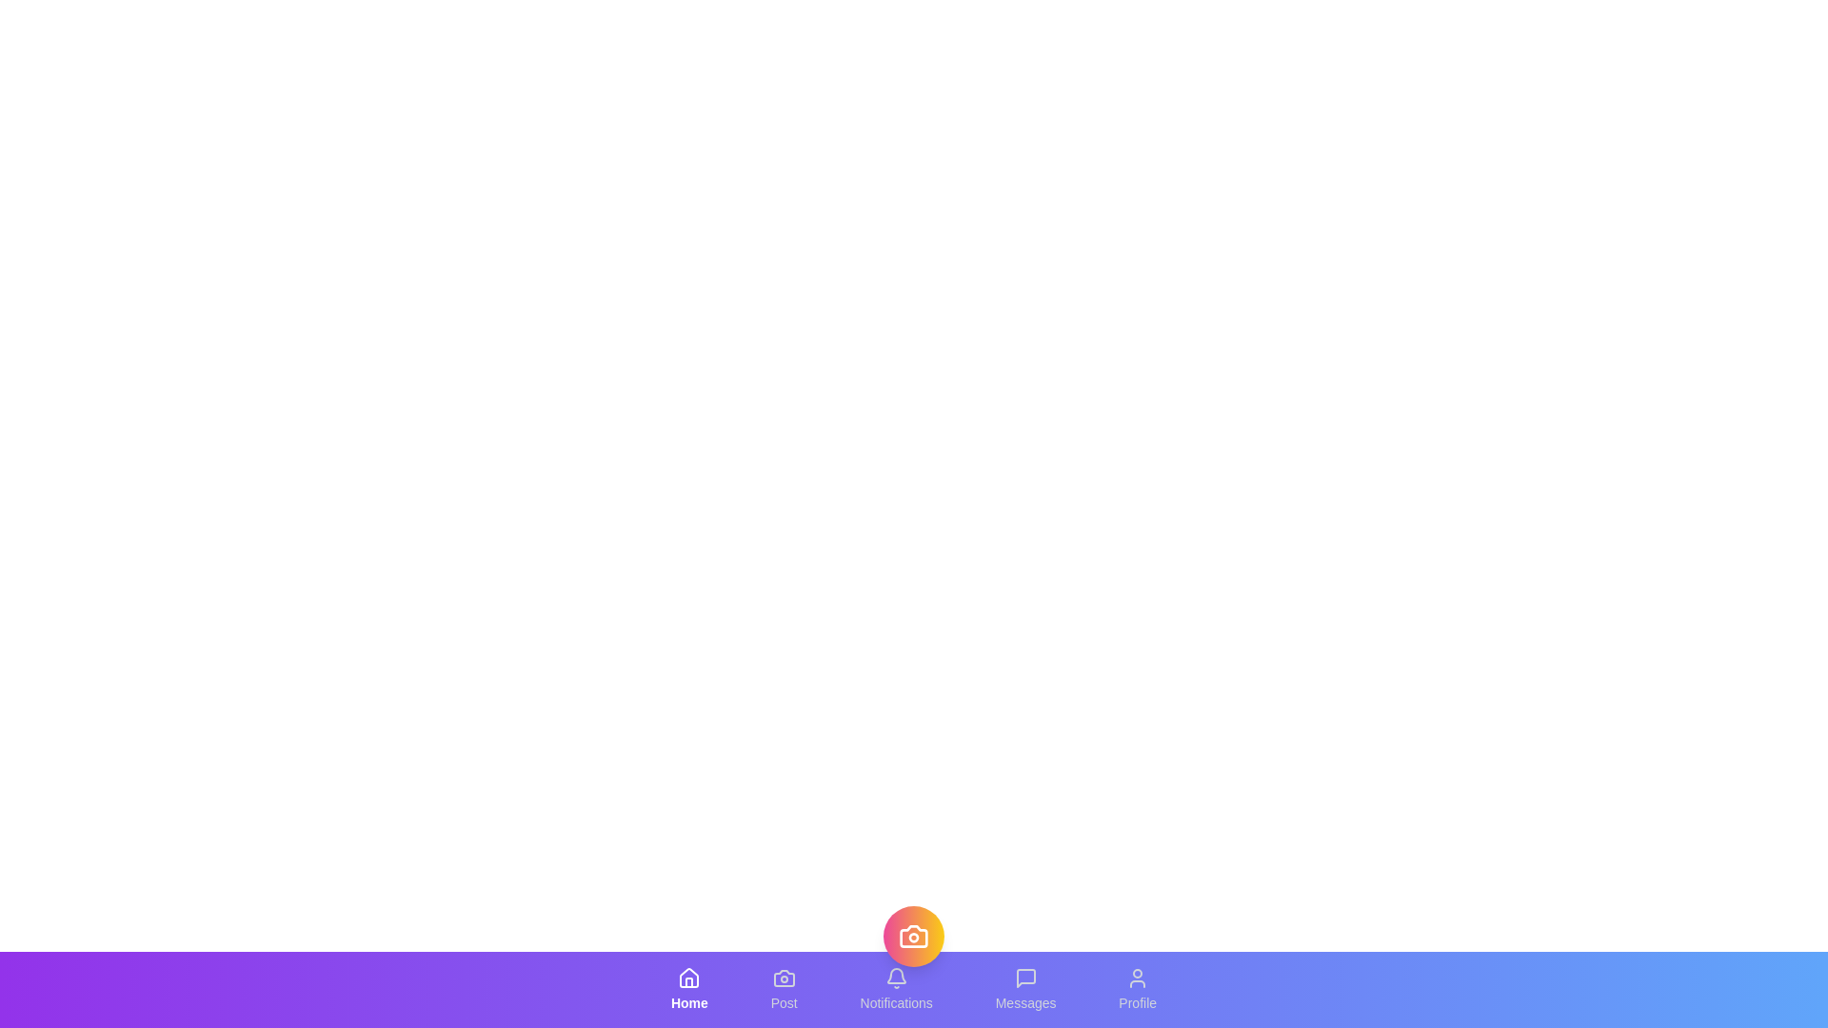 This screenshot has height=1028, width=1828. What do you see at coordinates (914, 935) in the screenshot?
I see `central floating button in the bottom navigation bar` at bounding box center [914, 935].